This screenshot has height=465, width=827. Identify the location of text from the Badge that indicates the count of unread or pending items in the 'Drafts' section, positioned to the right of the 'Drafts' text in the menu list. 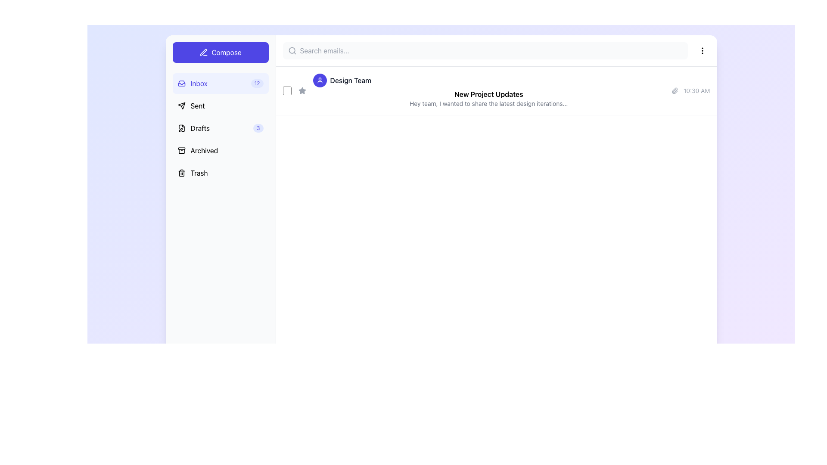
(258, 128).